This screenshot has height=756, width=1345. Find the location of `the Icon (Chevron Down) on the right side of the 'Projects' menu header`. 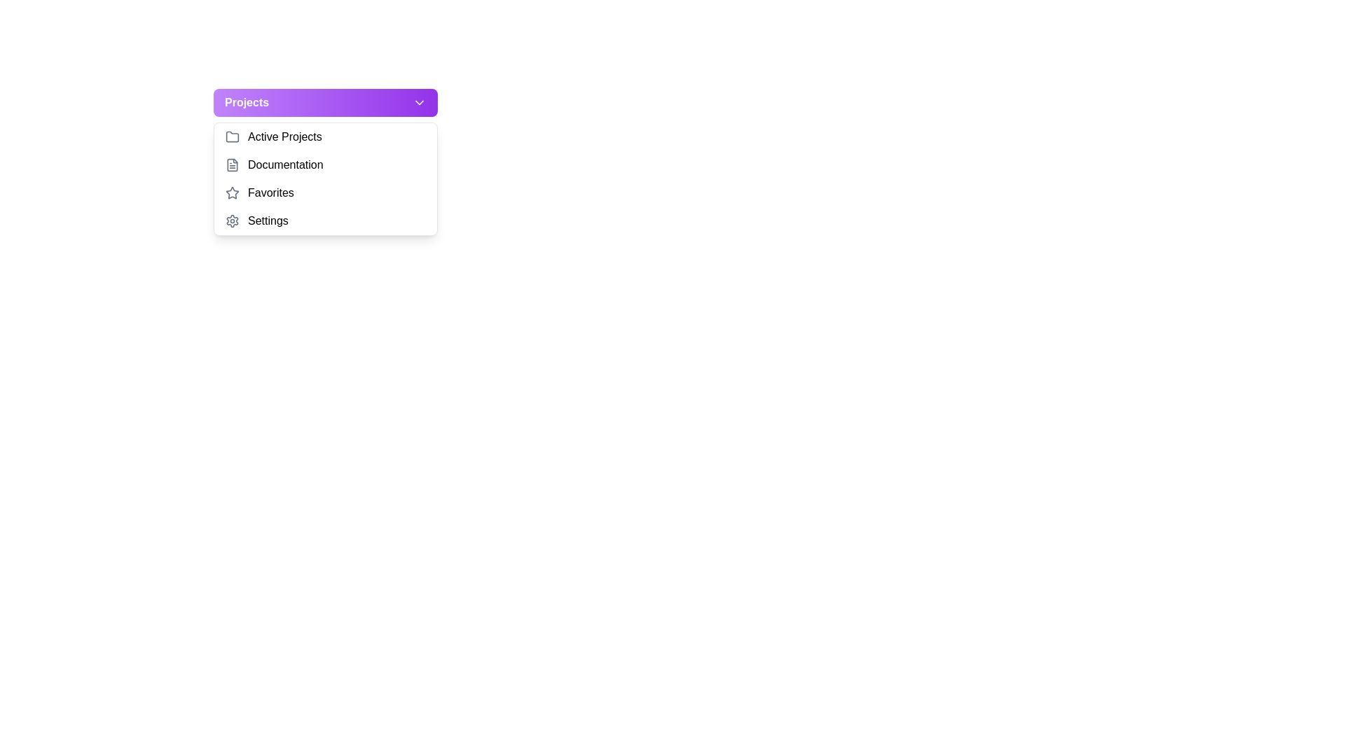

the Icon (Chevron Down) on the right side of the 'Projects' menu header is located at coordinates (419, 101).